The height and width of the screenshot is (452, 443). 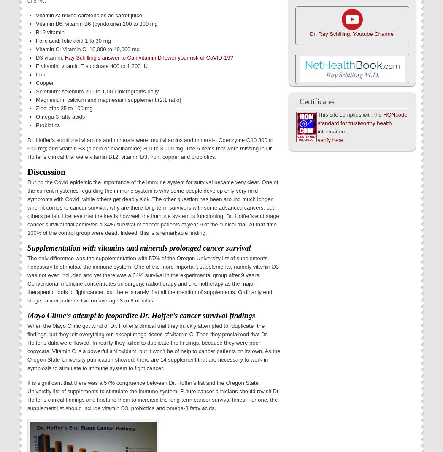 What do you see at coordinates (88, 14) in the screenshot?
I see `'Vitamin A: mixed carotenoids as carrot juice'` at bounding box center [88, 14].